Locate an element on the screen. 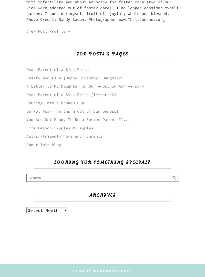 The image size is (205, 277). 'Archives' is located at coordinates (102, 195).